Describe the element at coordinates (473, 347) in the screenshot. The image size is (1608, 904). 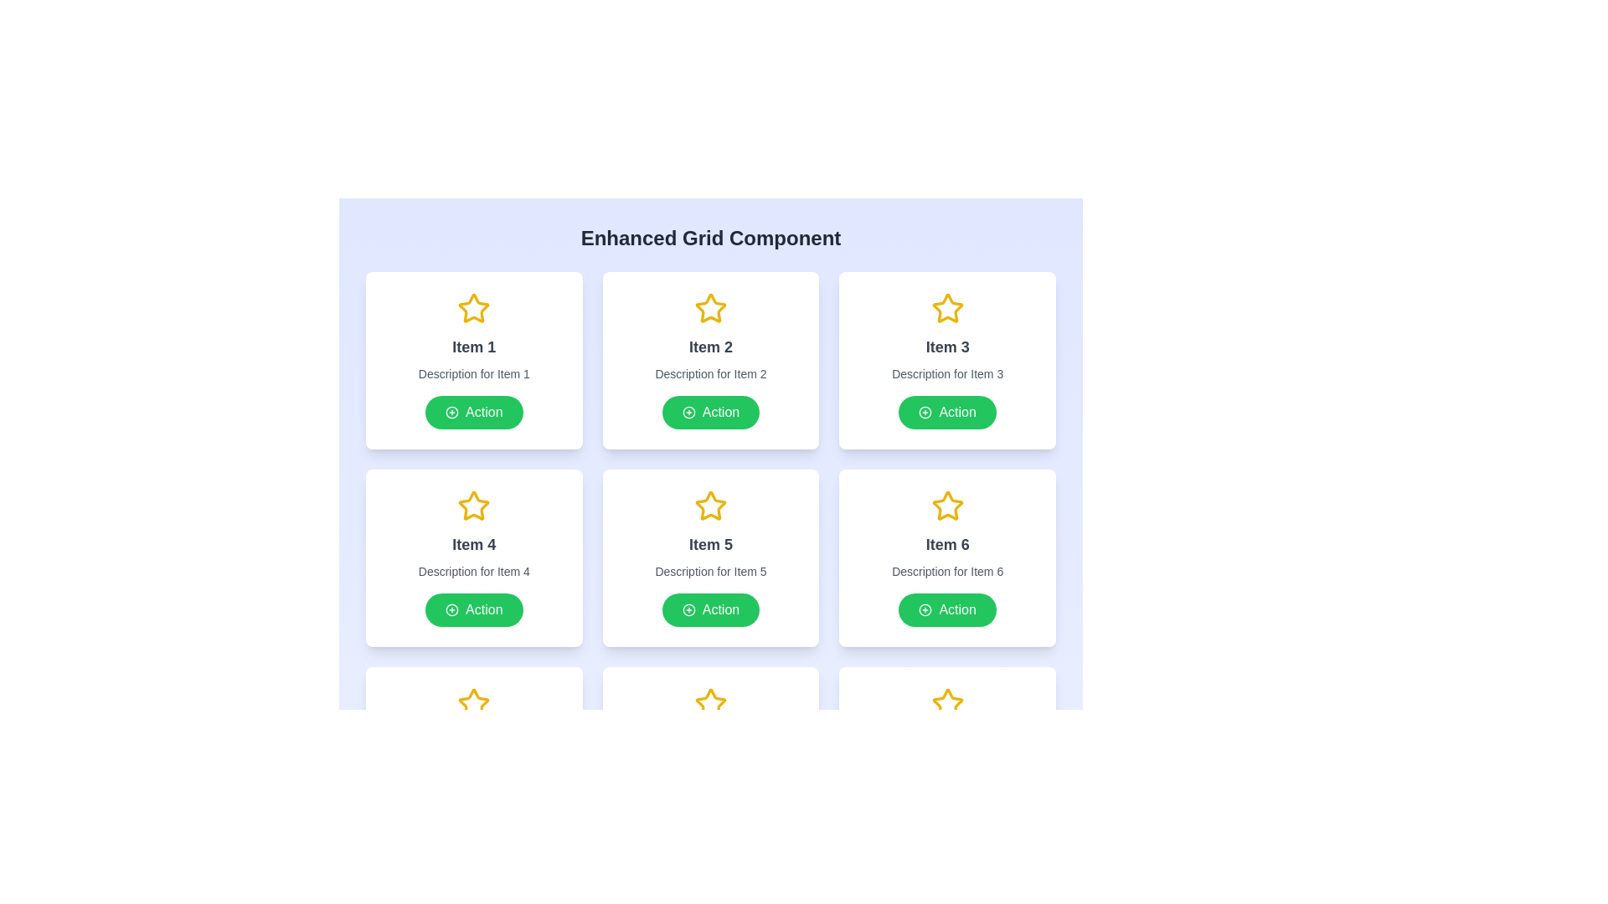
I see `text of the title label located in the first box of a three-column grid layout, positioned below a star icon and above the description text and 'Action' button` at that location.